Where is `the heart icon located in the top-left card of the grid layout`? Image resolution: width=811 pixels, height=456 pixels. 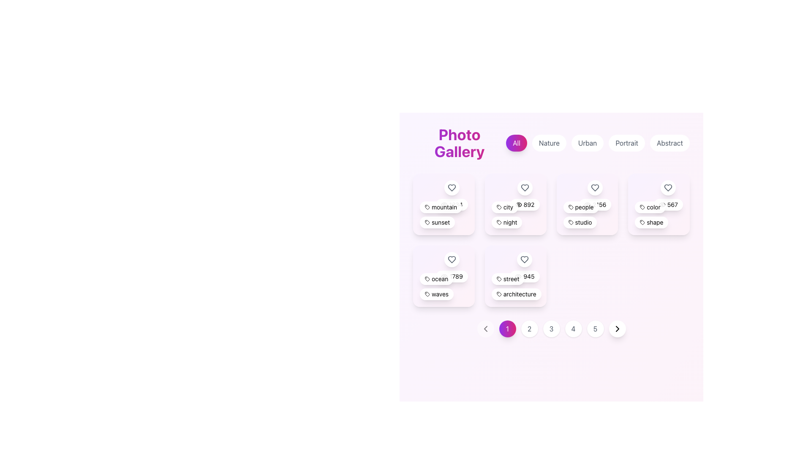 the heart icon located in the top-left card of the grid layout is located at coordinates (451, 187).